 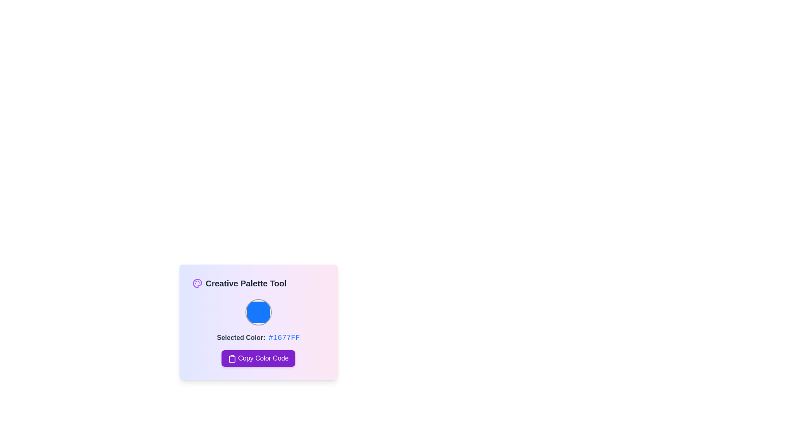 What do you see at coordinates (284, 338) in the screenshot?
I see `the non-interactive text display that shows the hexadecimal code for the currently selected color, located next to the label 'Selected Color:'` at bounding box center [284, 338].